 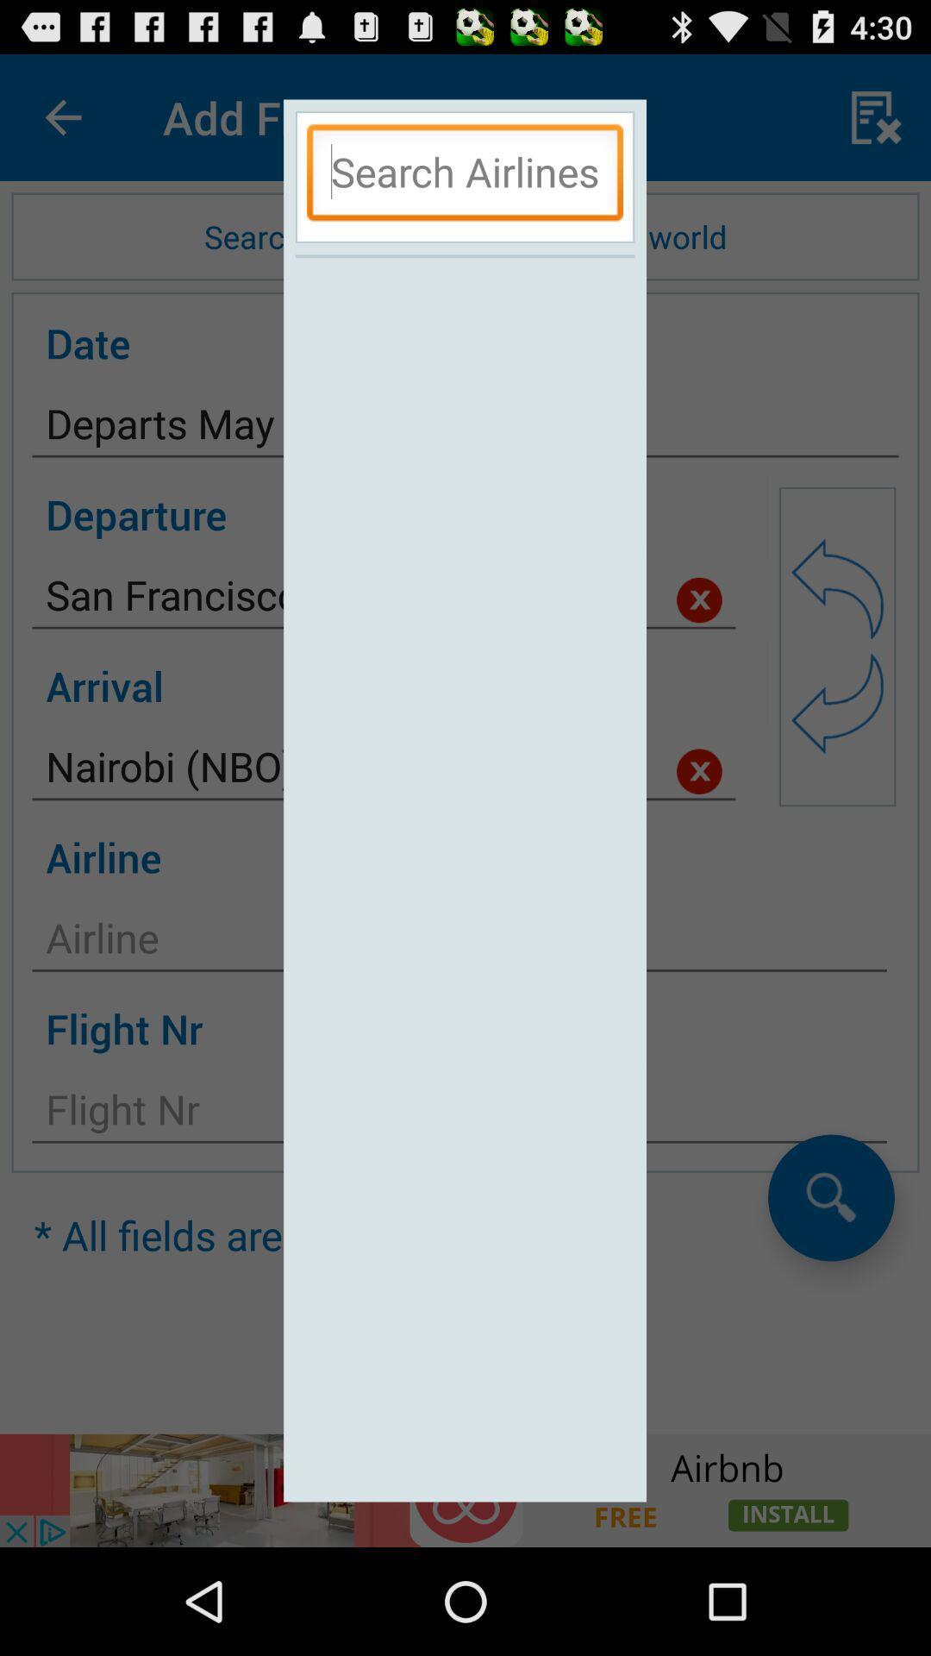 What do you see at coordinates (464, 177) in the screenshot?
I see `the item at the top` at bounding box center [464, 177].